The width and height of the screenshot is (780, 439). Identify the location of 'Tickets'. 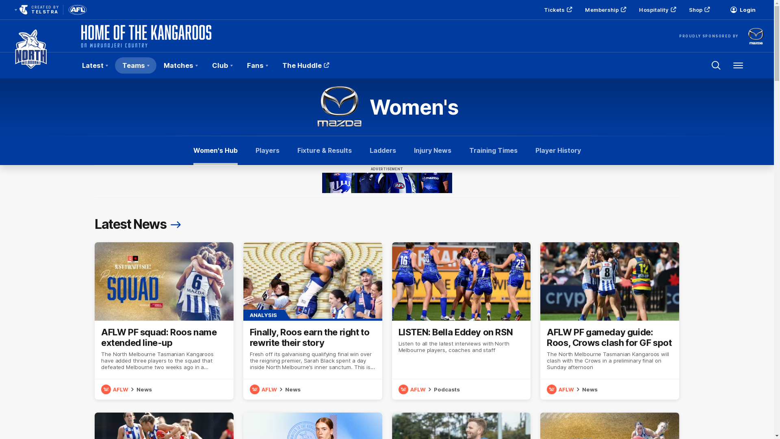
(557, 9).